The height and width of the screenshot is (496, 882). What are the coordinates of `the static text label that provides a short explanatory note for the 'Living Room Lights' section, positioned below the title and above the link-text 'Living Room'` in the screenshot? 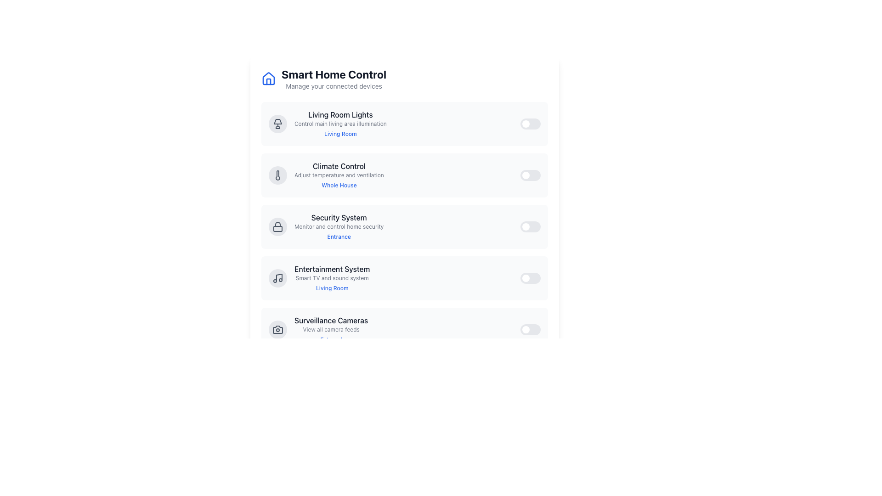 It's located at (340, 124).